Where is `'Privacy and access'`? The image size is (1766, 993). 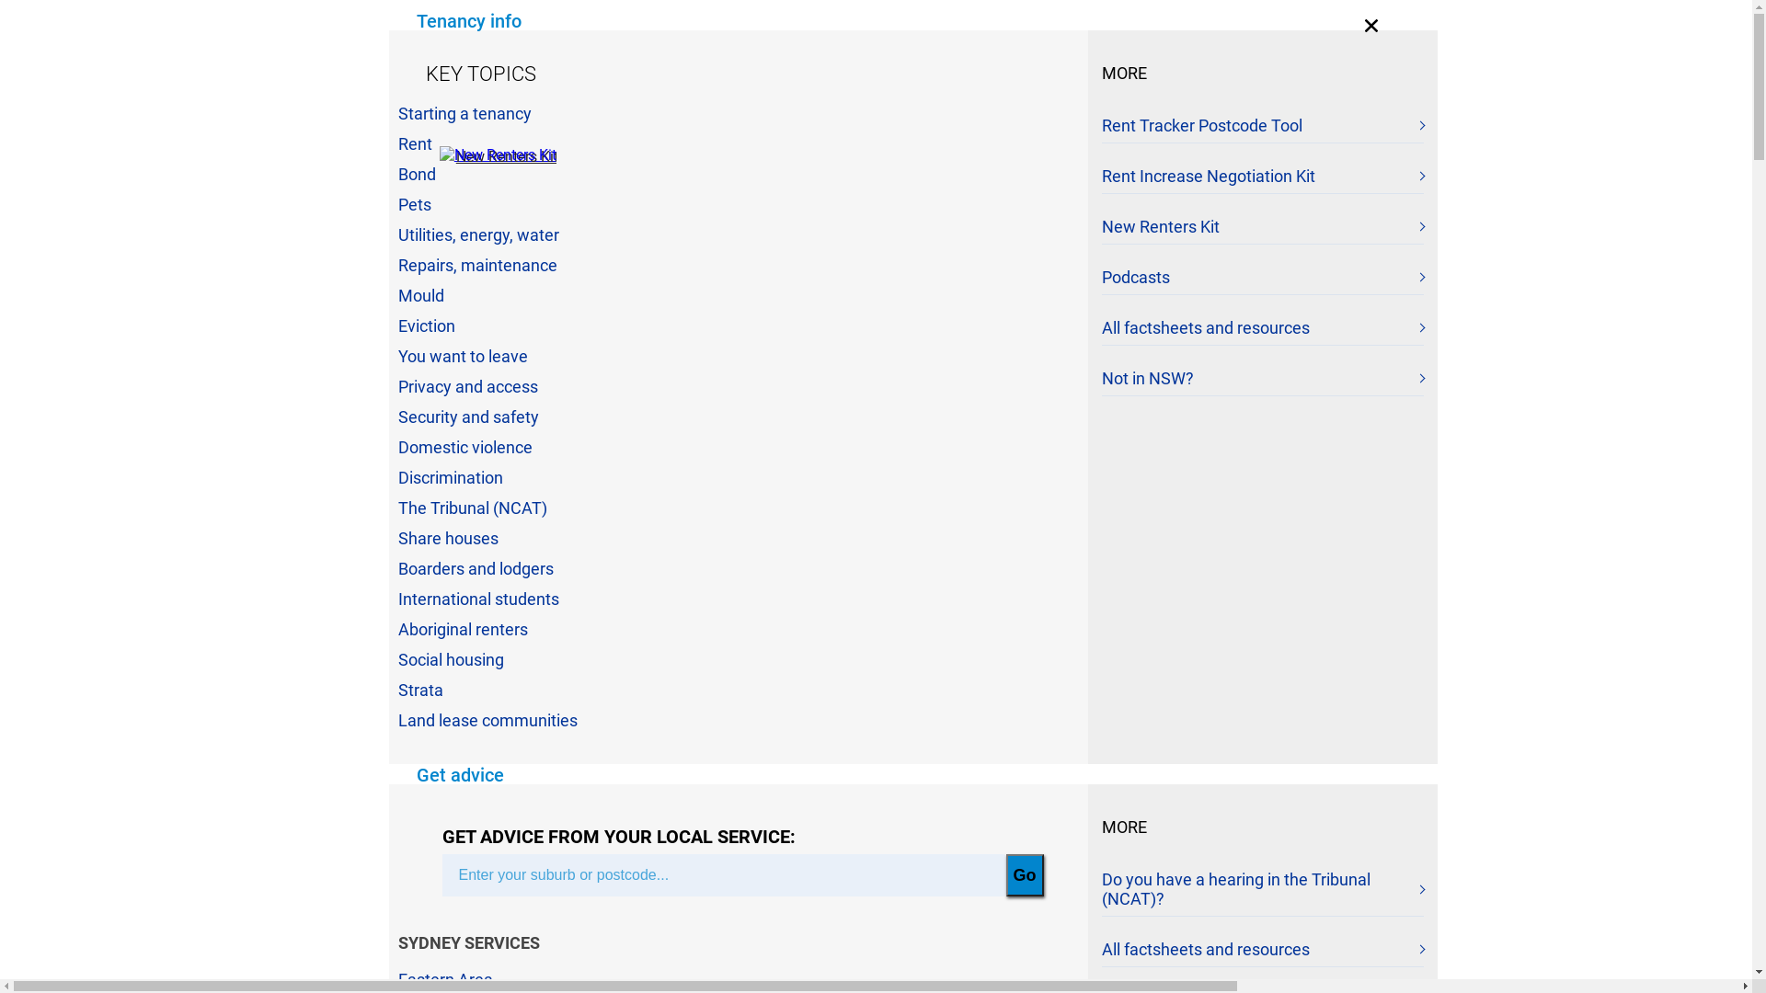
'Privacy and access' is located at coordinates (467, 385).